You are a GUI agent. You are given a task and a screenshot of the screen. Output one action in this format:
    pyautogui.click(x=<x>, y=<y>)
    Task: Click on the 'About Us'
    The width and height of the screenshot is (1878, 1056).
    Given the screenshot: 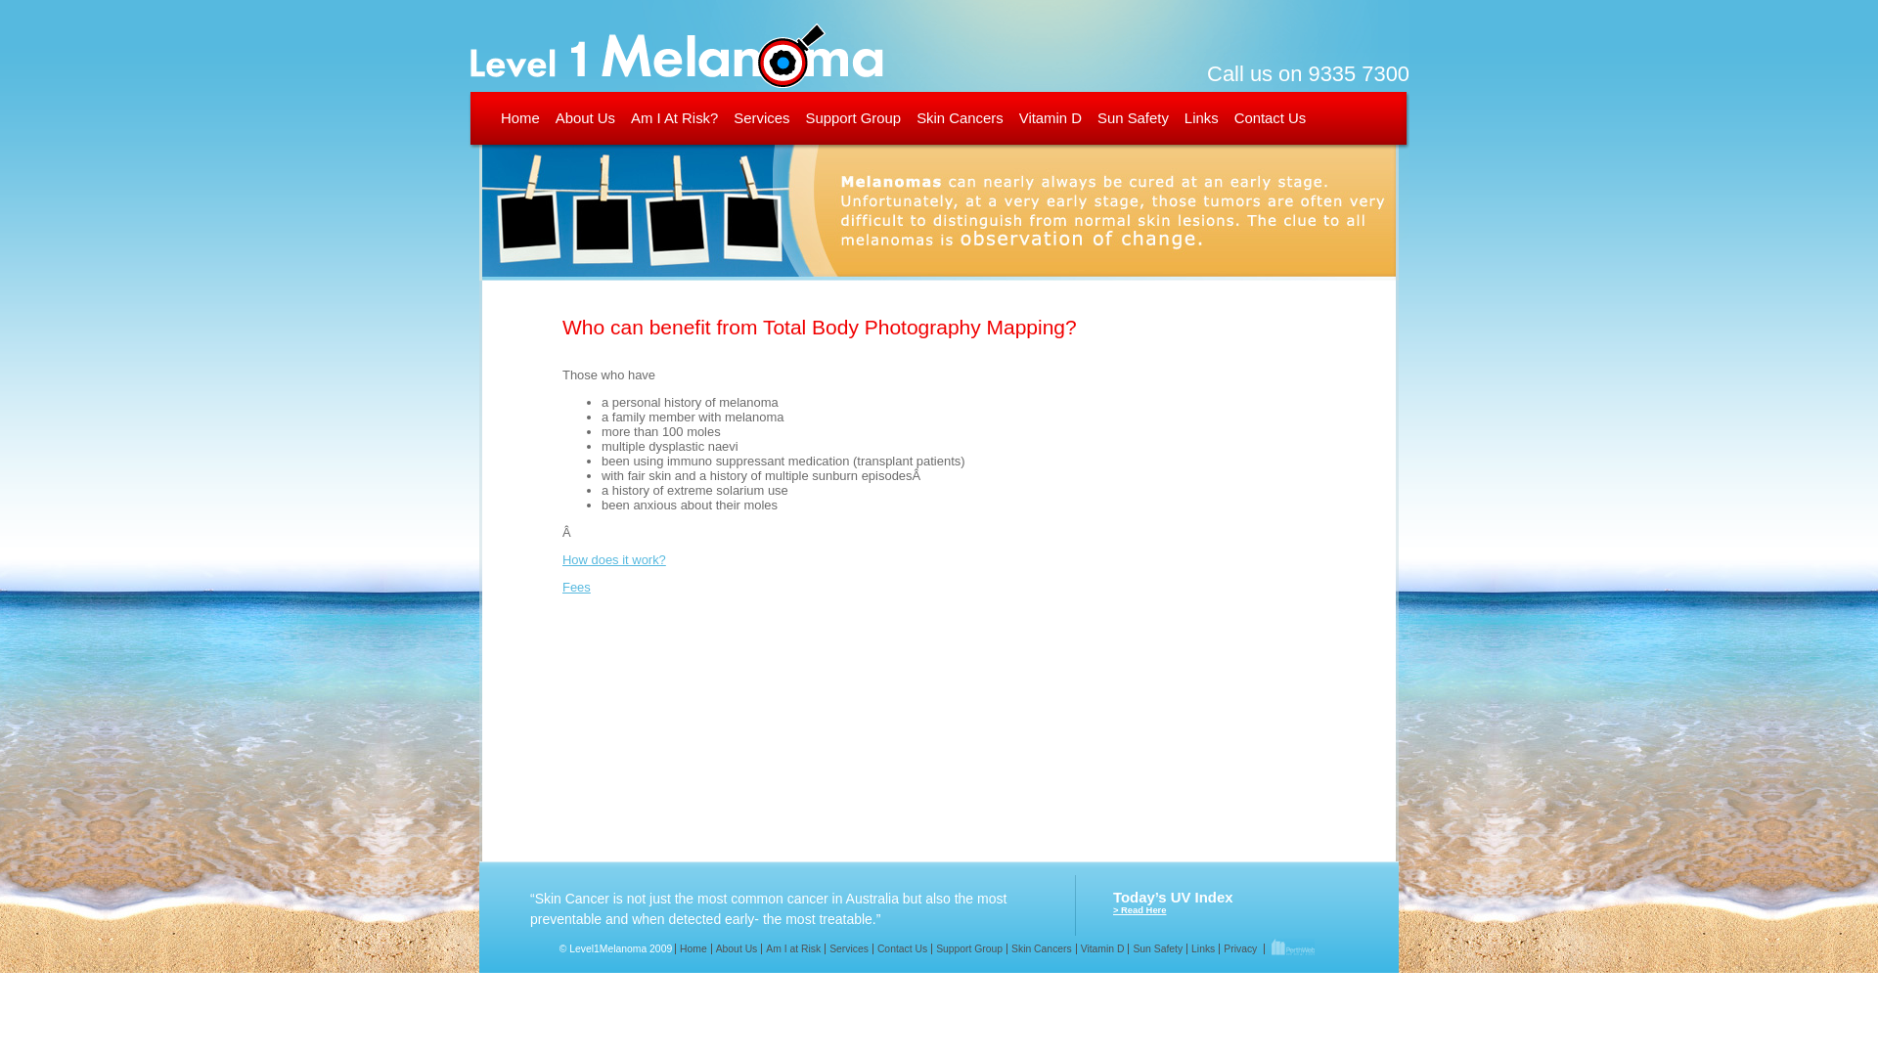 What is the action you would take?
    pyautogui.click(x=709, y=947)
    